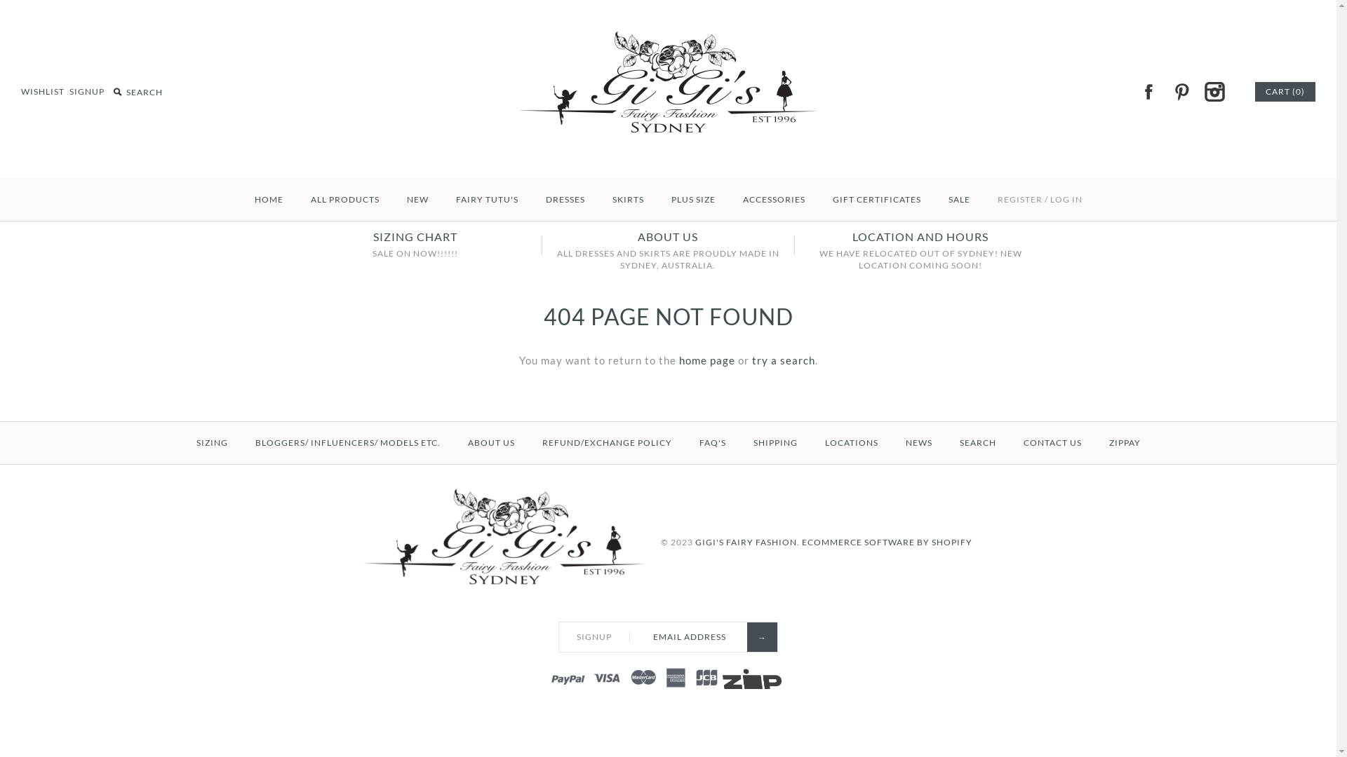 Image resolution: width=1347 pixels, height=757 pixels. Describe the element at coordinates (783, 359) in the screenshot. I see `'try a search'` at that location.